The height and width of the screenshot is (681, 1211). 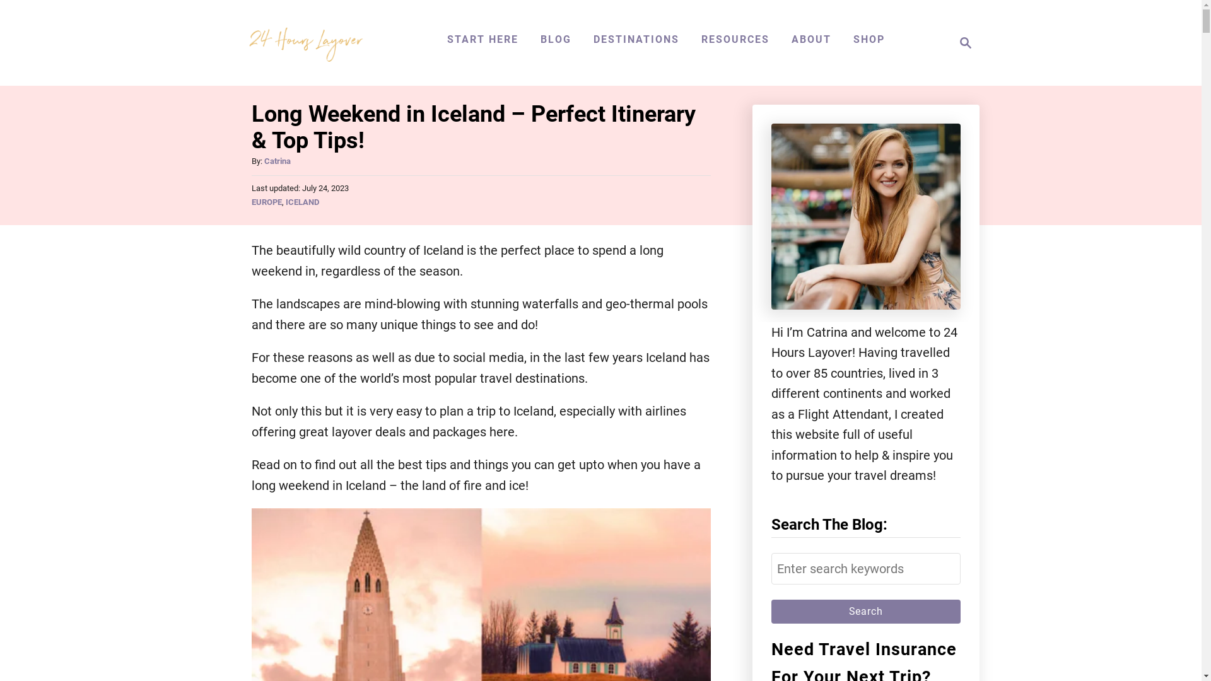 I want to click on 'Search', so click(x=865, y=610).